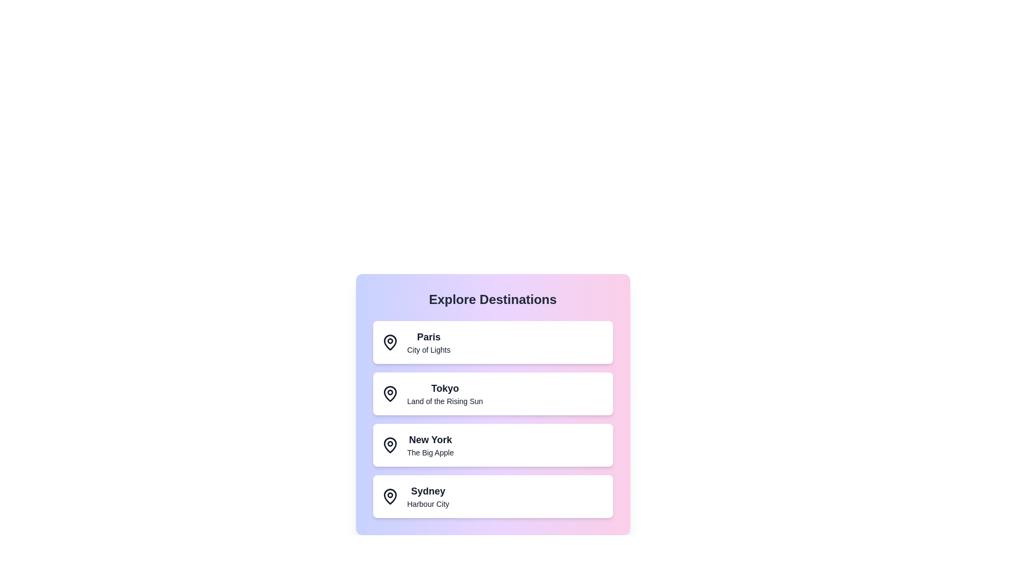 This screenshot has height=578, width=1028. Describe the element at coordinates (492, 497) in the screenshot. I see `the destination panel corresponding to Sydney` at that location.